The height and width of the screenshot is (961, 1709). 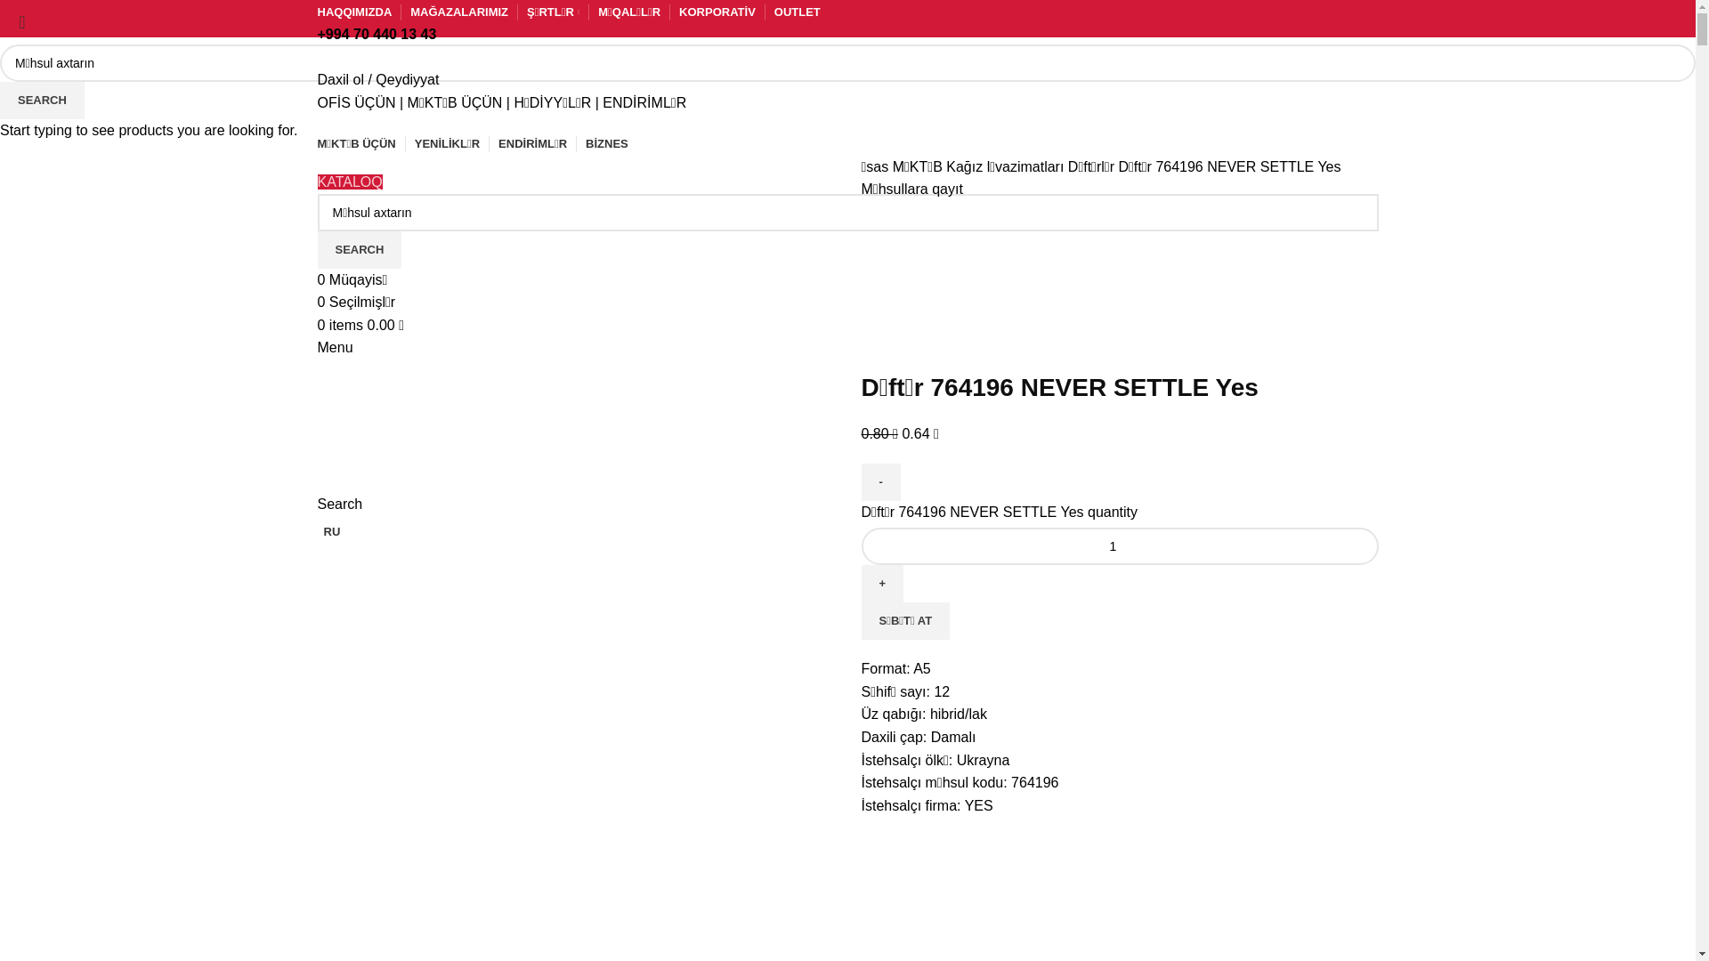 What do you see at coordinates (328, 530) in the screenshot?
I see `'RU'` at bounding box center [328, 530].